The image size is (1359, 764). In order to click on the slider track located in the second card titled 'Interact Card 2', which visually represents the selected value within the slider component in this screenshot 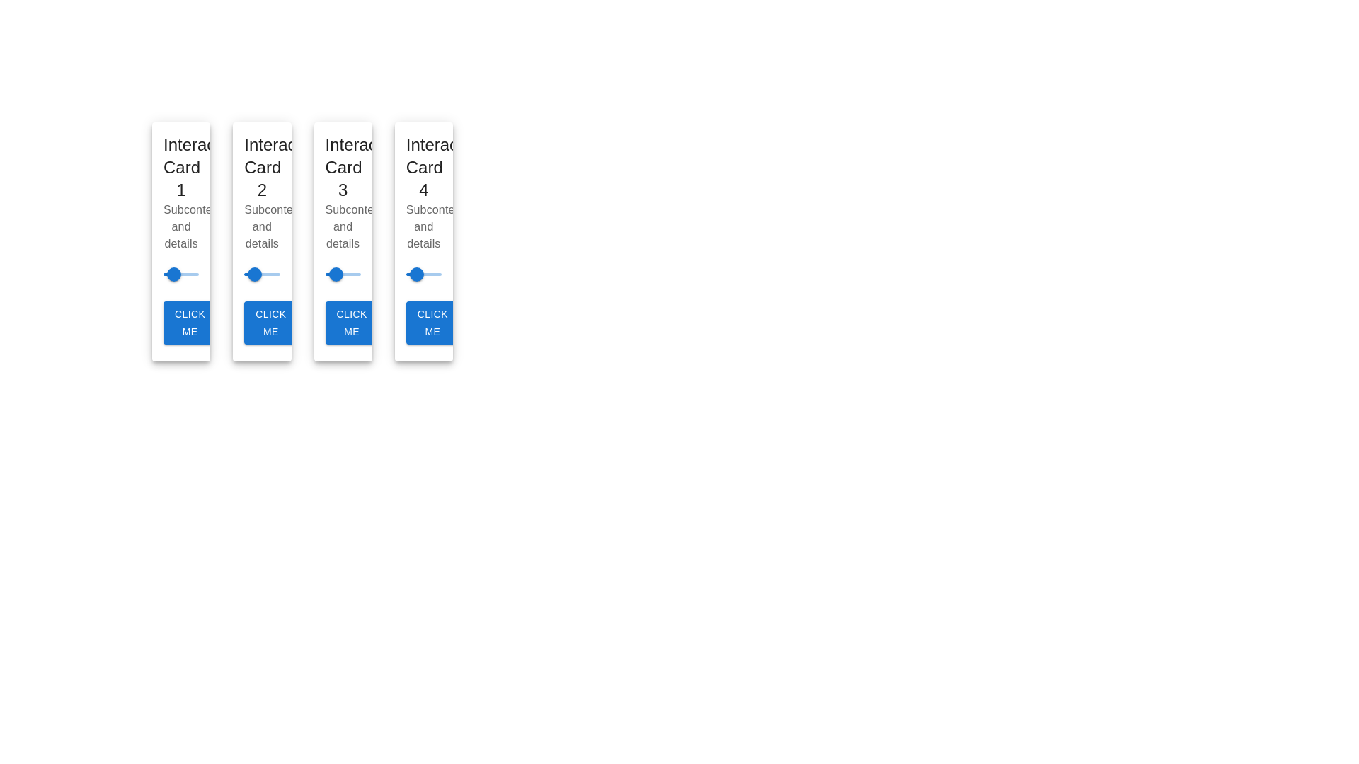, I will do `click(249, 274)`.